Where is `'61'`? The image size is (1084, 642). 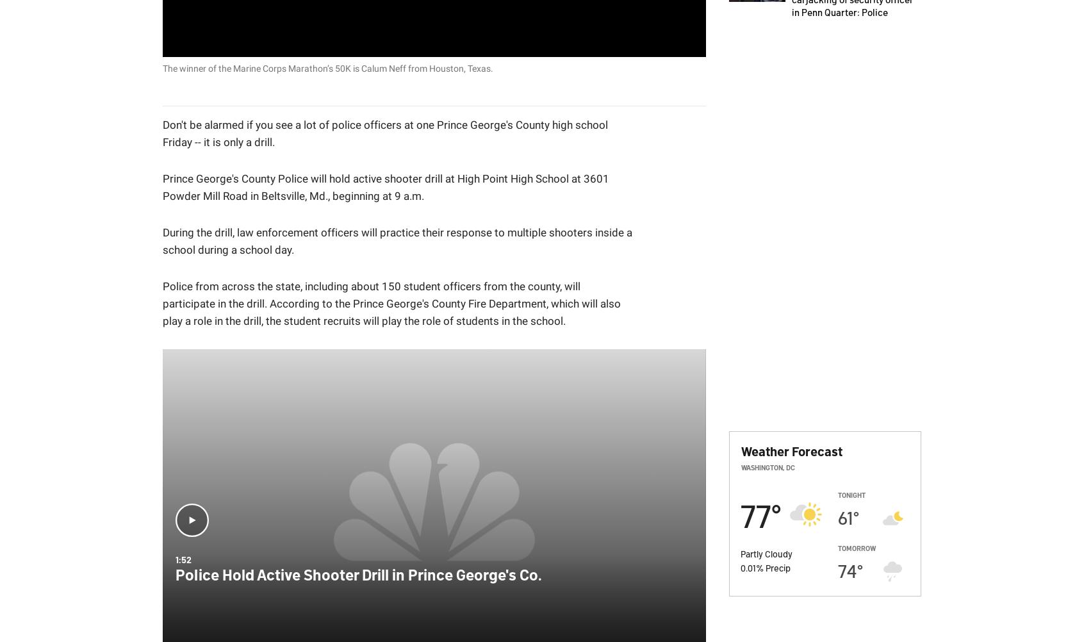 '61' is located at coordinates (837, 516).